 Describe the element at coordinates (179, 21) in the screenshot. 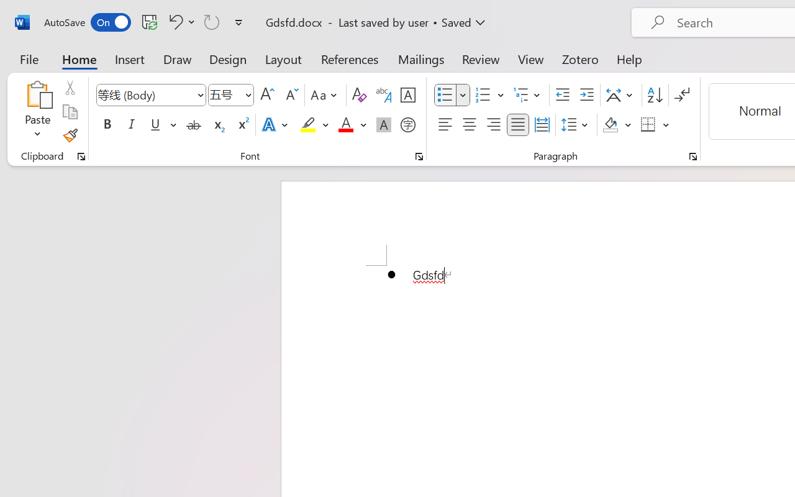

I see `'Undo Bullet Default'` at that location.